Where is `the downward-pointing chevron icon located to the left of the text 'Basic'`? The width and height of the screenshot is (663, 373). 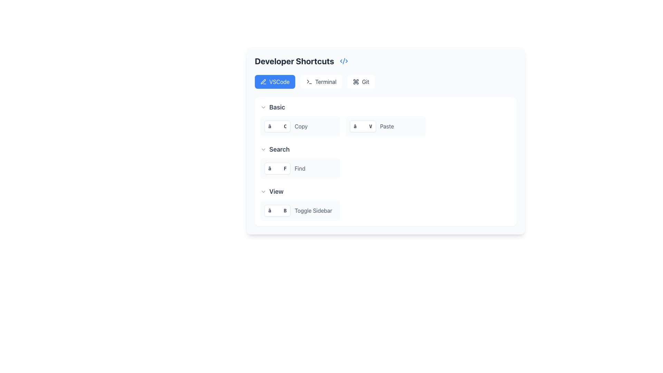 the downward-pointing chevron icon located to the left of the text 'Basic' is located at coordinates (263, 107).